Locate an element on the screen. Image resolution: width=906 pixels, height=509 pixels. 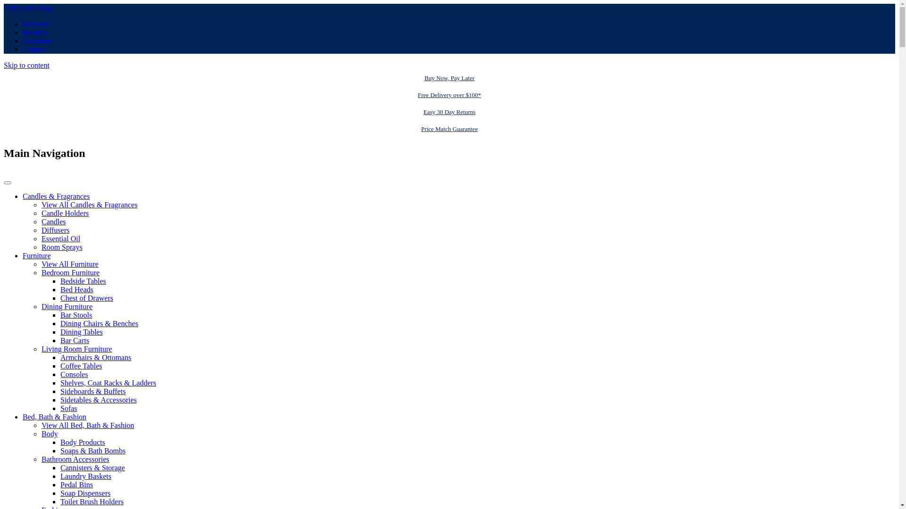
'Furniture' is located at coordinates (36, 255).